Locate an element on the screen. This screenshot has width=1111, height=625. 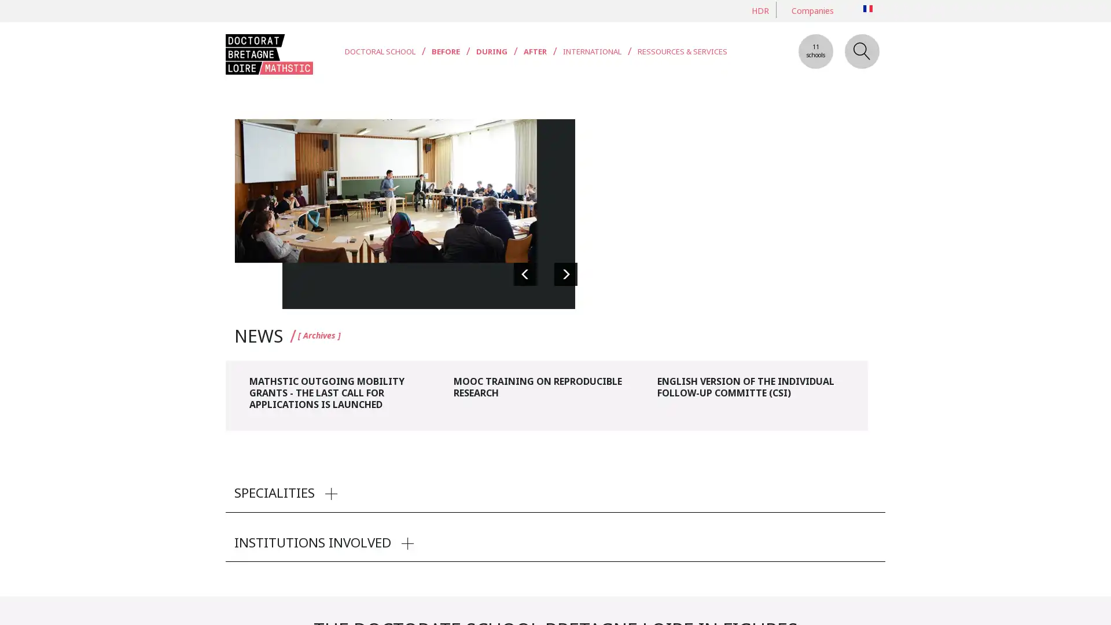
11 schools is located at coordinates (815, 50).